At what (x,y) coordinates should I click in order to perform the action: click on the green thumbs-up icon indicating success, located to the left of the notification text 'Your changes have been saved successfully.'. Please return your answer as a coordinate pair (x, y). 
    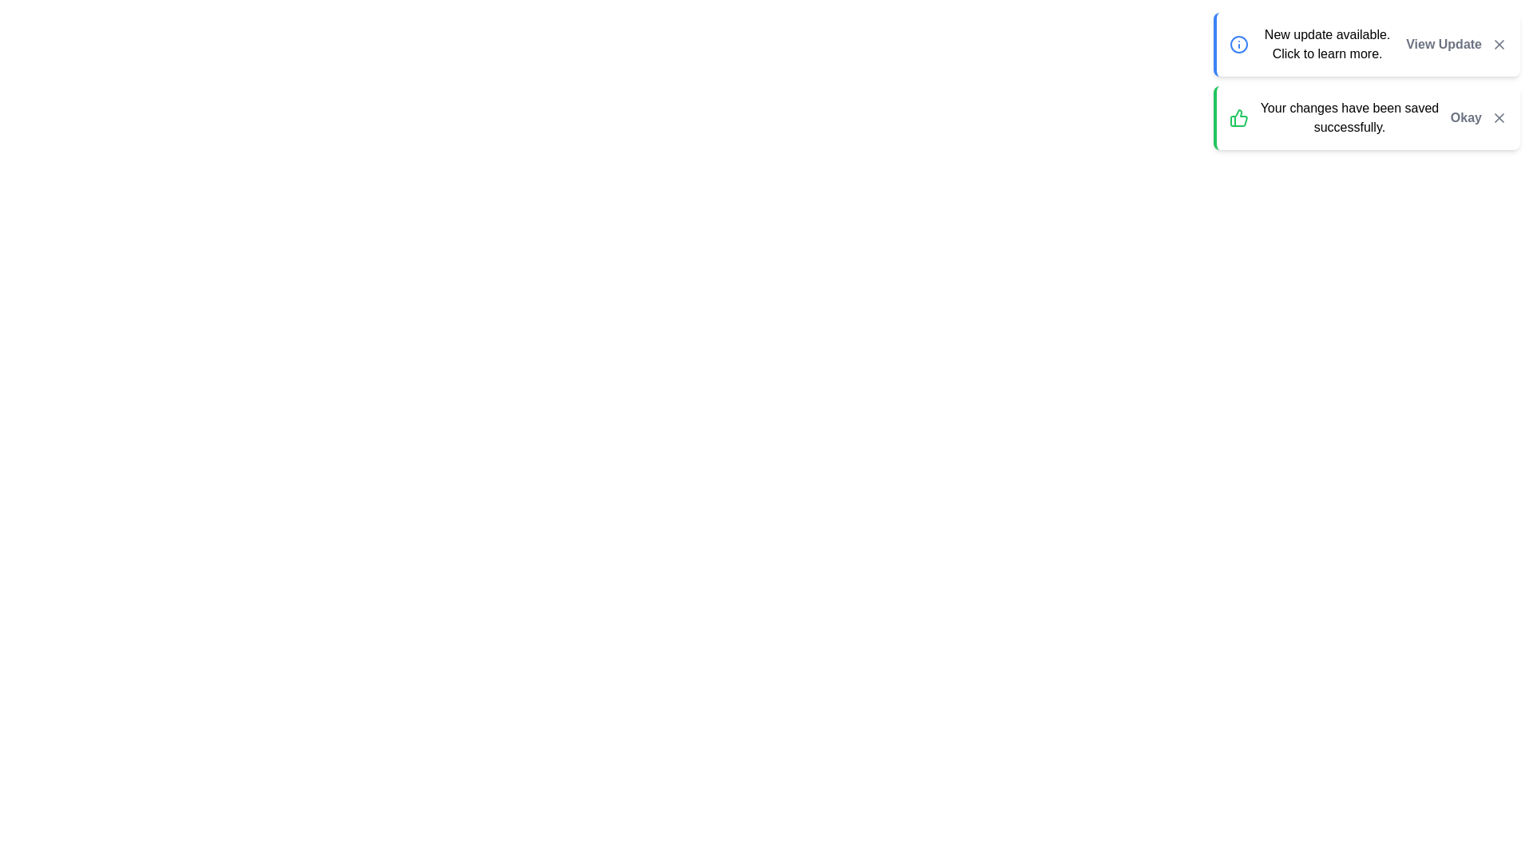
    Looking at the image, I should click on (1238, 117).